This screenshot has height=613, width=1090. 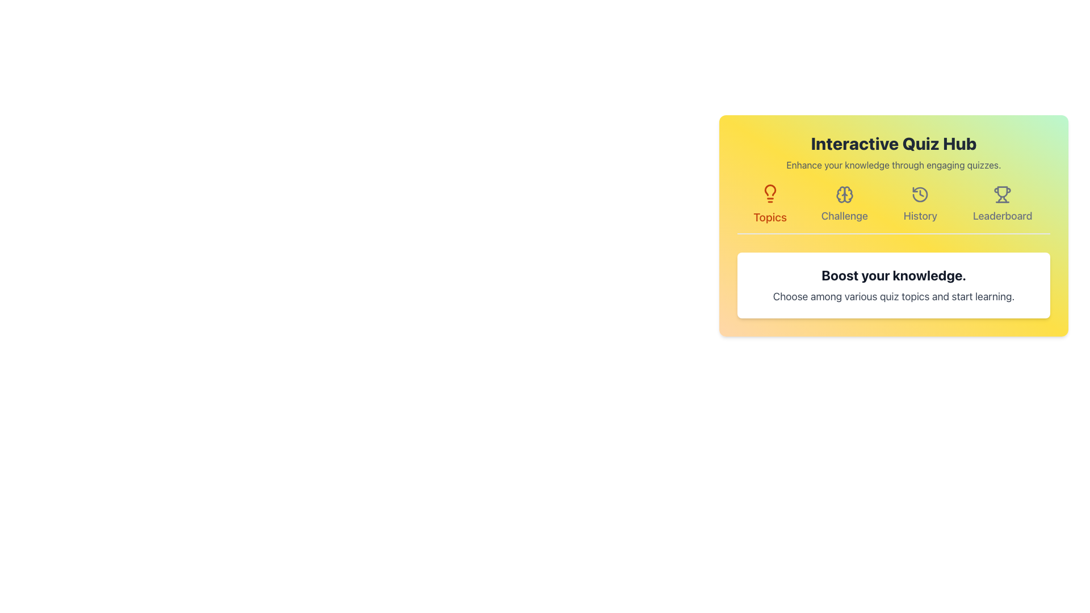 What do you see at coordinates (841, 194) in the screenshot?
I see `the left-side curve of the brain-shaped icon in the 'Challenge' section's navigation bar of the 'Interactive Quiz Hub' interface` at bounding box center [841, 194].